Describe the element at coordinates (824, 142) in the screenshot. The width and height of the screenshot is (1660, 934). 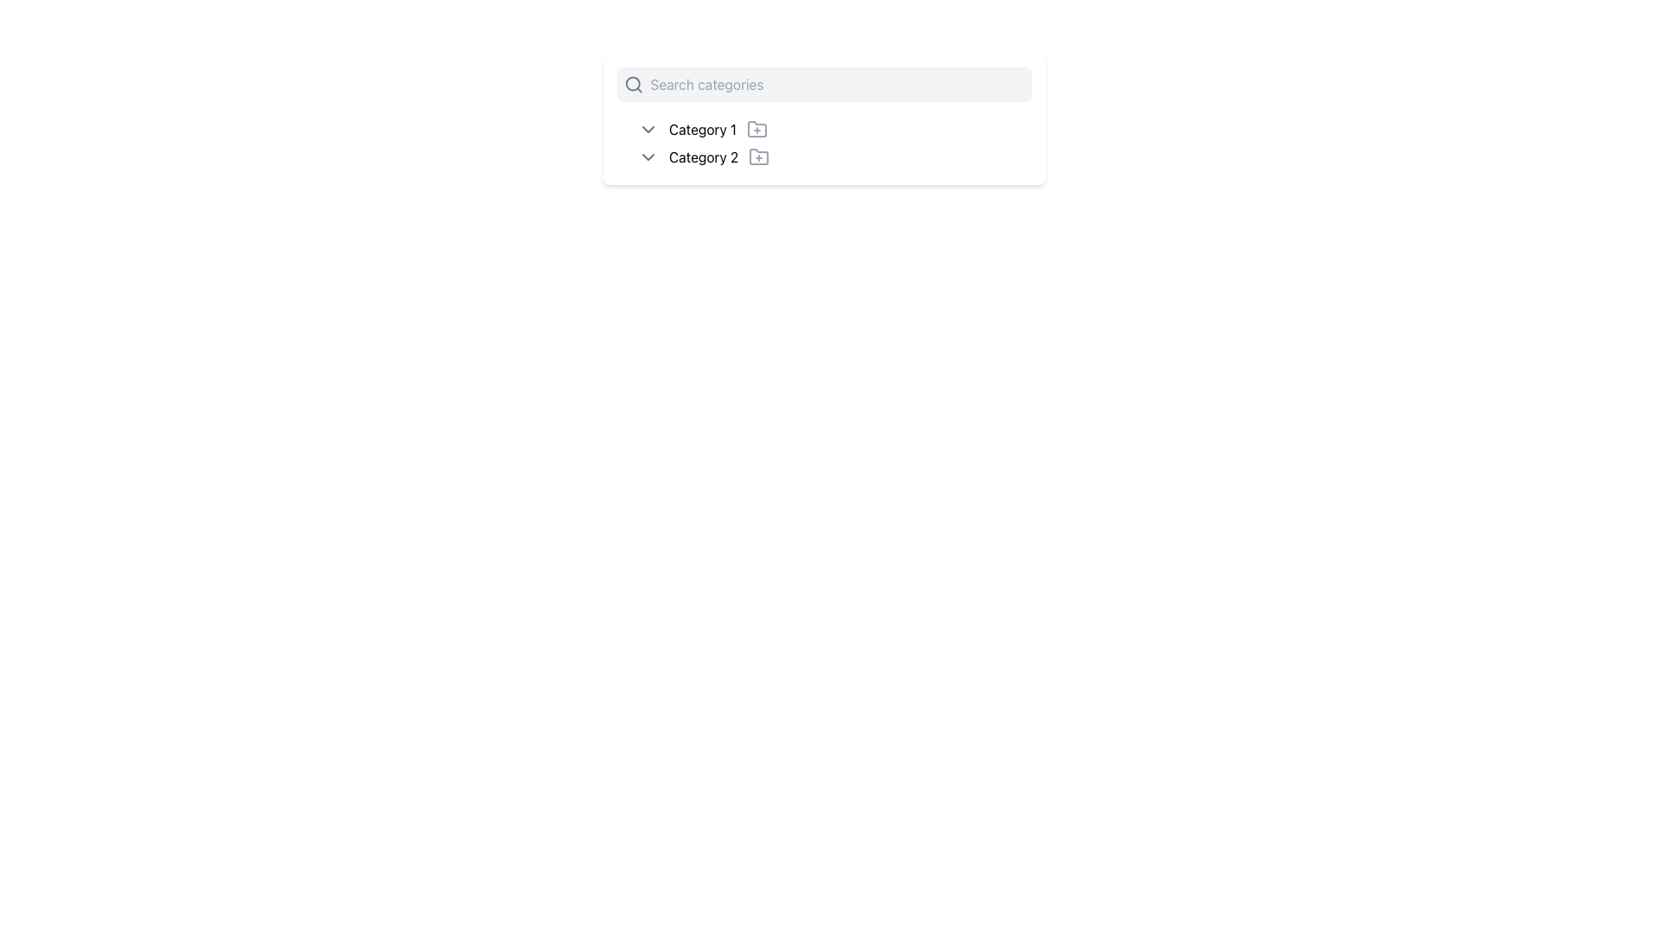
I see `the list item group located centrally below the search bar` at that location.